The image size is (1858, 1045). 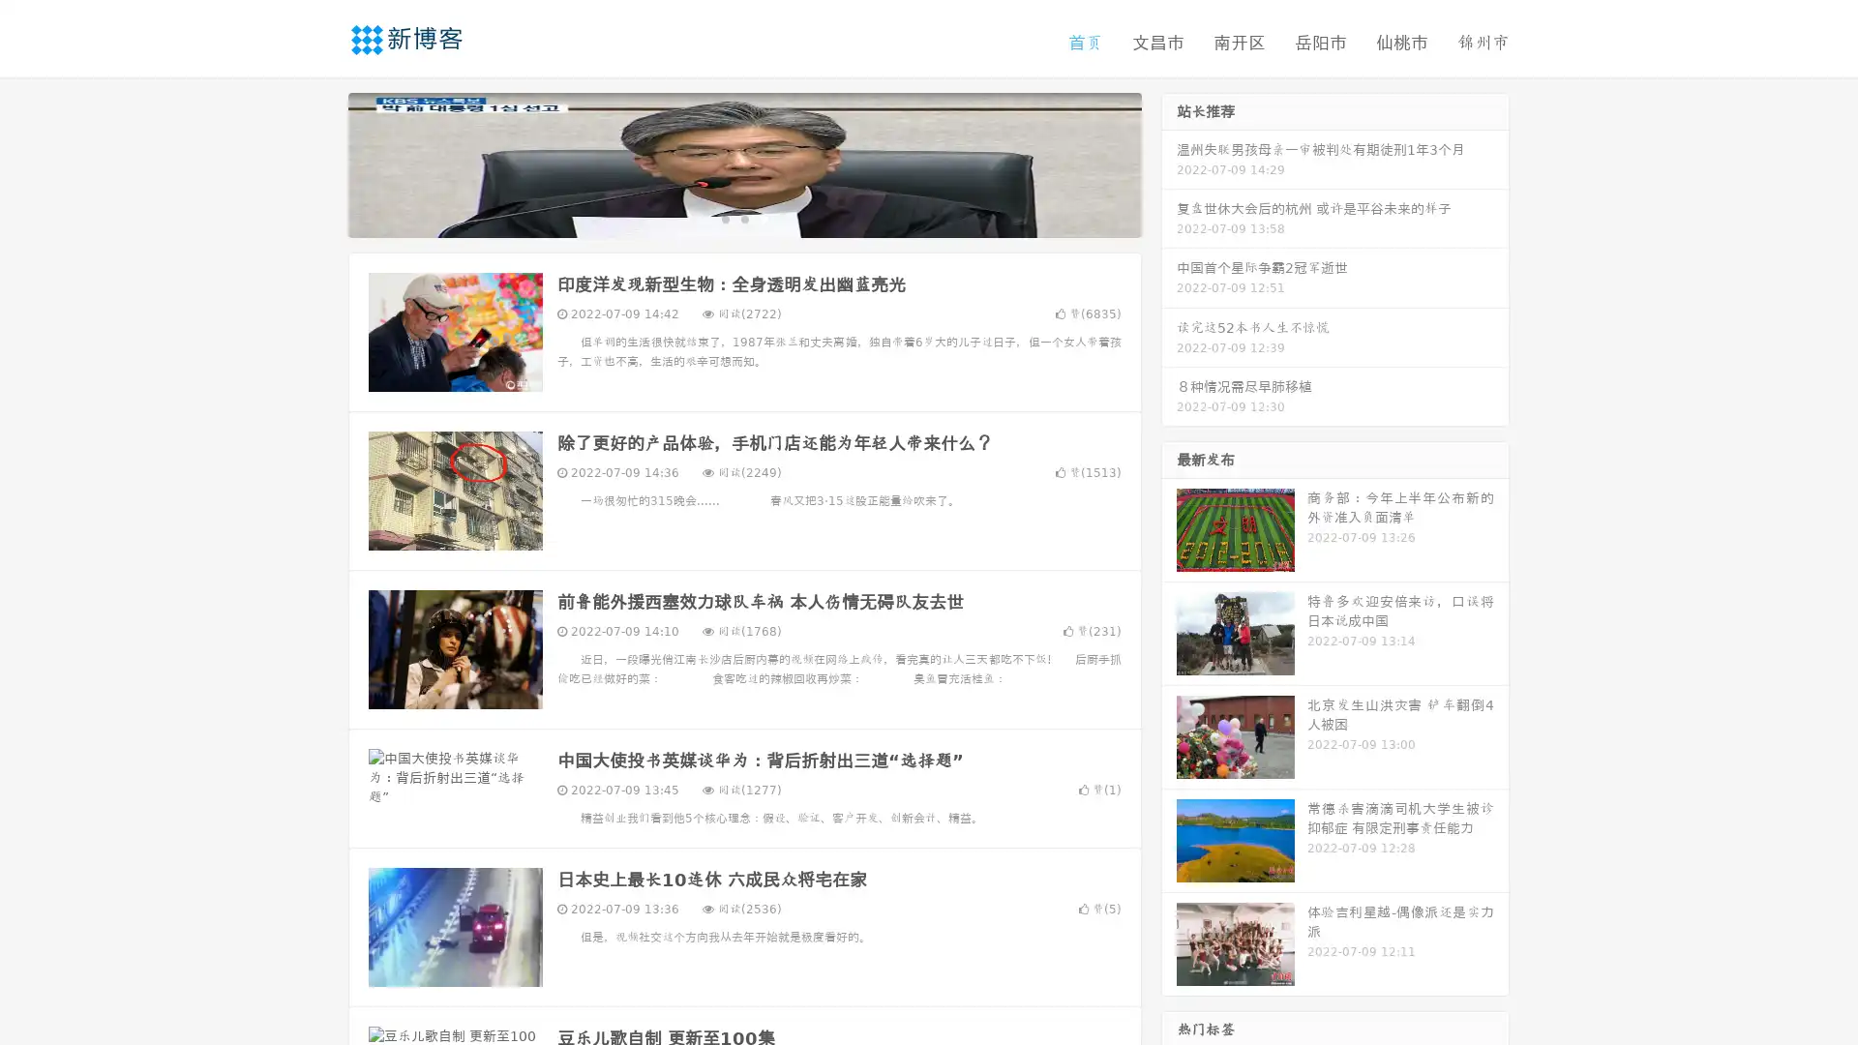 I want to click on Go to slide 2, so click(x=743, y=218).